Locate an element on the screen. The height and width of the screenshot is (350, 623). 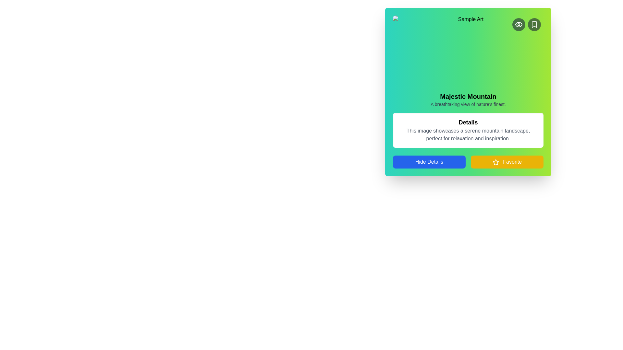
the text element displaying the title 'Majestic Mountain', which is styled in large bold font on a green-to-blue gradient background, positioned near the top center of the card interface is located at coordinates (468, 96).